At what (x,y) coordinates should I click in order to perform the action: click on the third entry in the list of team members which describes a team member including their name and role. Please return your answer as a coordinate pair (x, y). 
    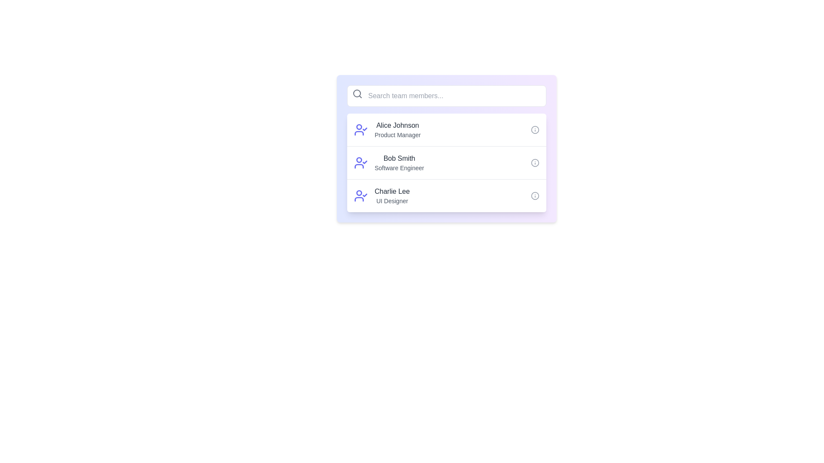
    Looking at the image, I should click on (391, 195).